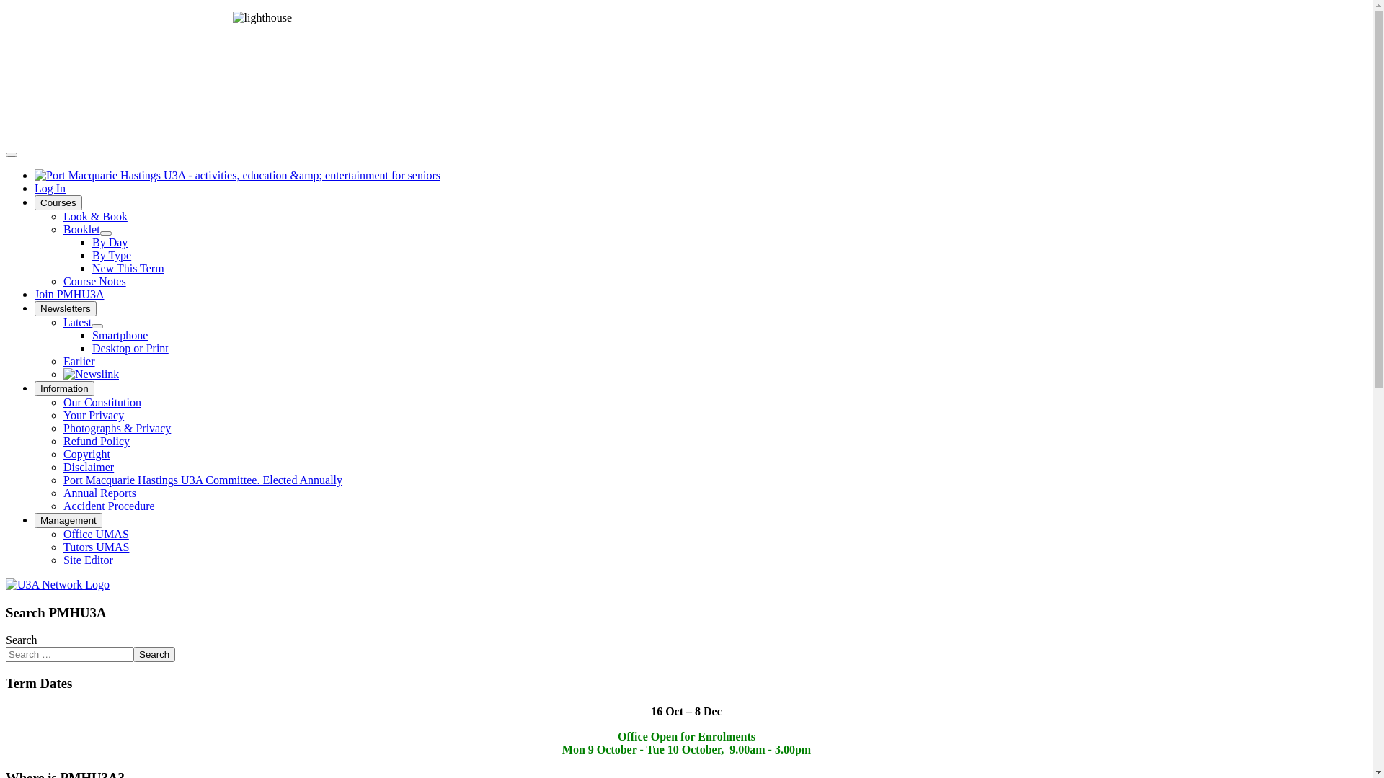 Image resolution: width=1384 pixels, height=778 pixels. Describe the element at coordinates (35, 202) in the screenshot. I see `'Courses'` at that location.